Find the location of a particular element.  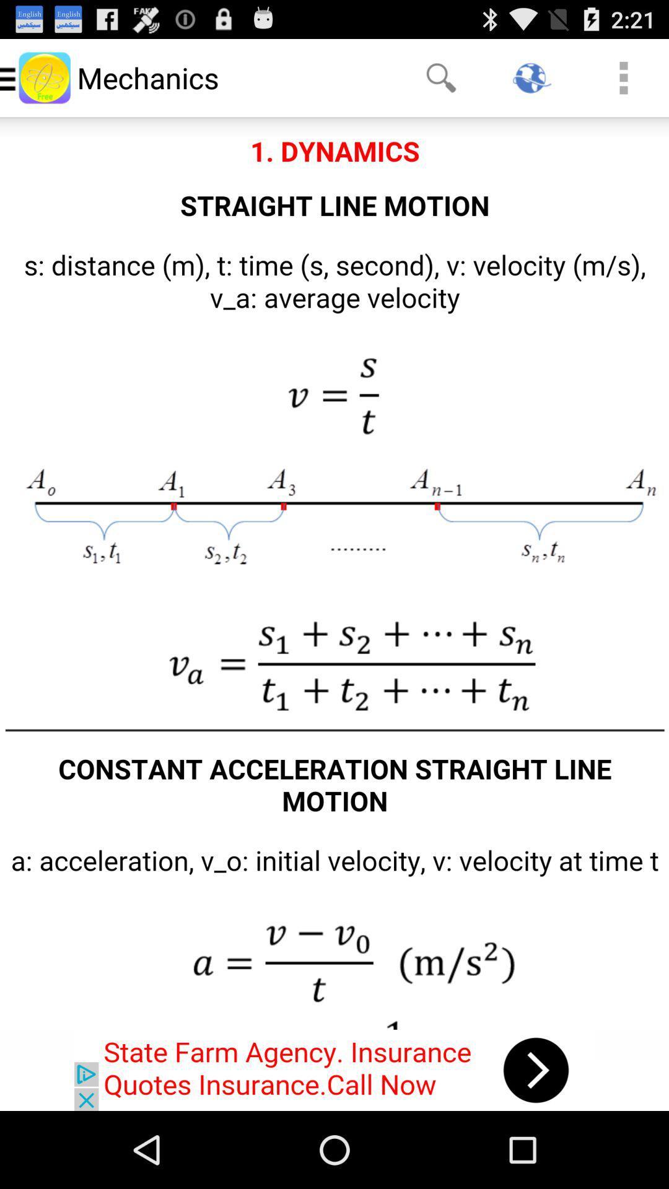

click on advertisement is located at coordinates (334, 1069).